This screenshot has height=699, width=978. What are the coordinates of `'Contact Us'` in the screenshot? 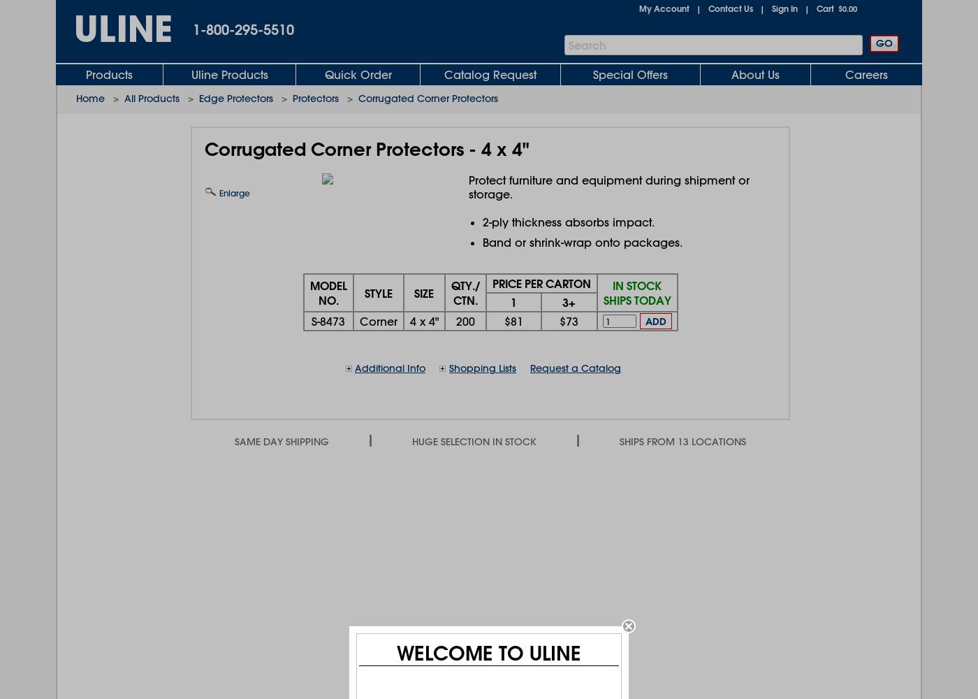 It's located at (730, 8).